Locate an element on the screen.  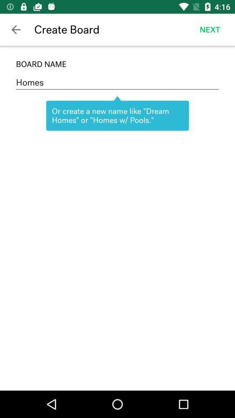
go back is located at coordinates (16, 30).